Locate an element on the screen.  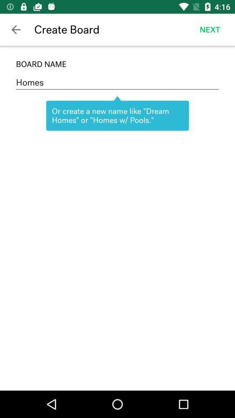
go back is located at coordinates (16, 30).